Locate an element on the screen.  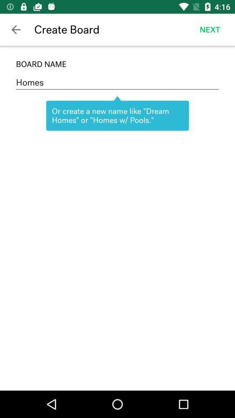
go back is located at coordinates (16, 30).